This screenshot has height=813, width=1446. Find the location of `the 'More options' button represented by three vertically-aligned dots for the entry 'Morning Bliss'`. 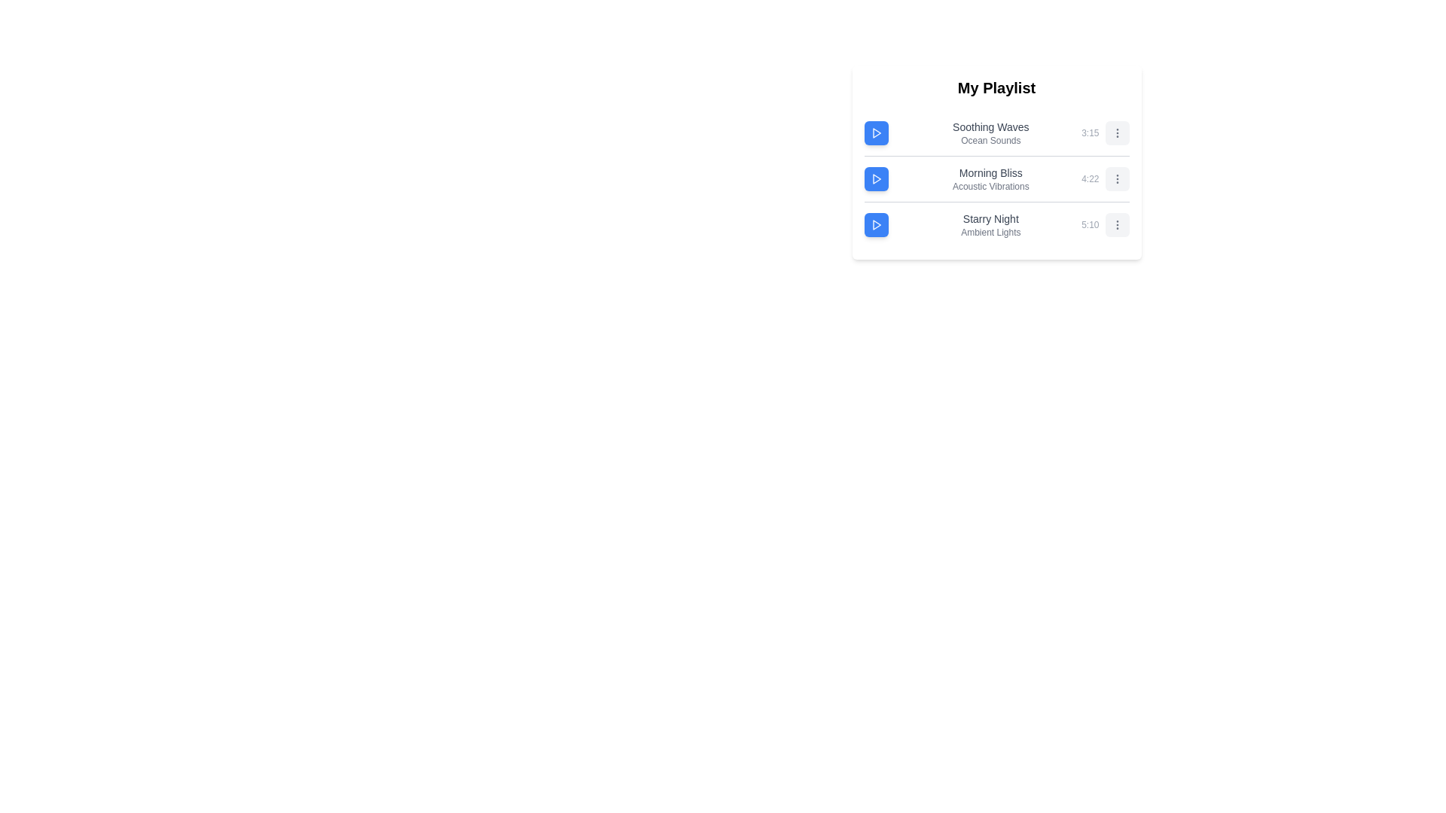

the 'More options' button represented by three vertically-aligned dots for the entry 'Morning Bliss' is located at coordinates (1117, 178).